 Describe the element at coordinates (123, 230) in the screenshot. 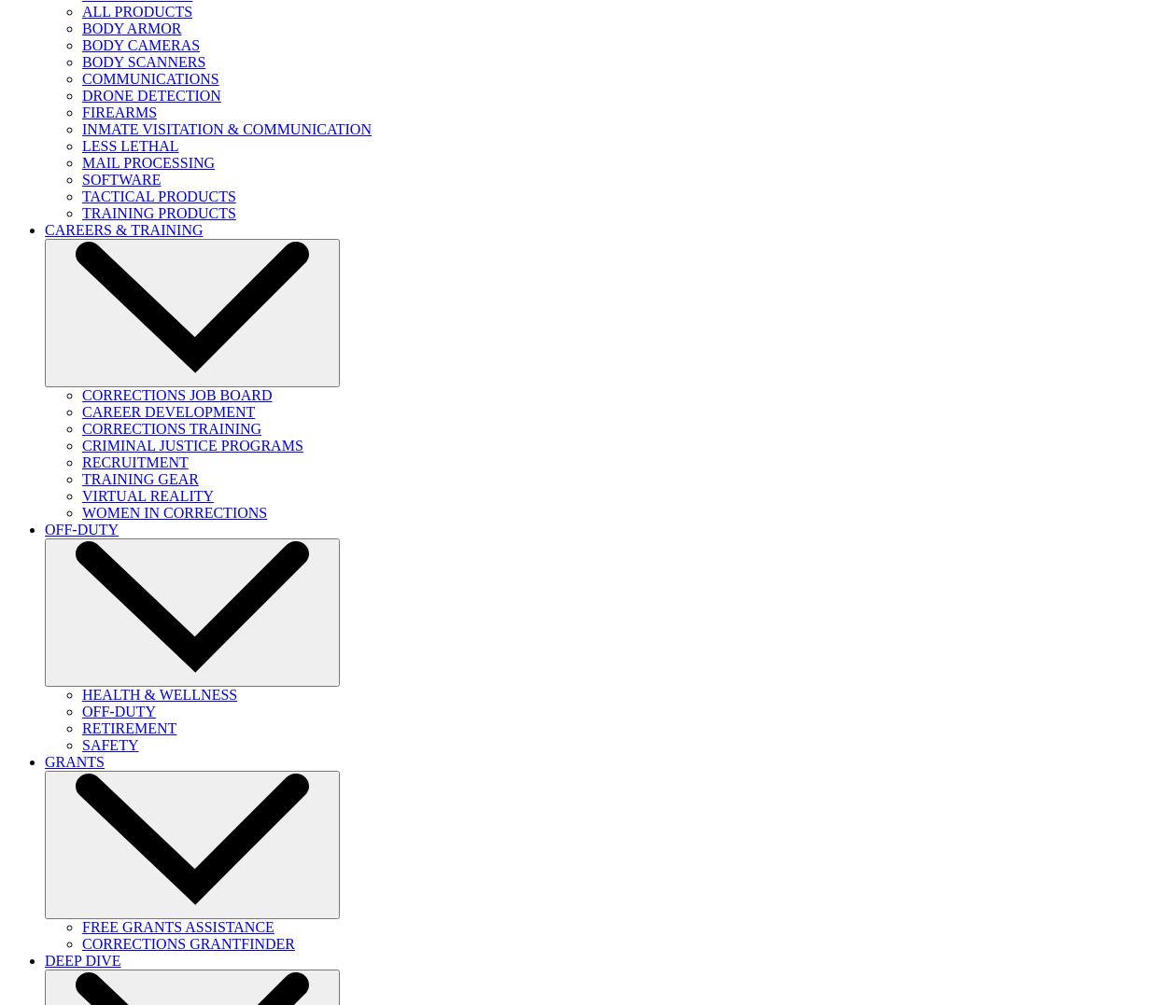

I see `'CAREERS & TRAINING'` at that location.